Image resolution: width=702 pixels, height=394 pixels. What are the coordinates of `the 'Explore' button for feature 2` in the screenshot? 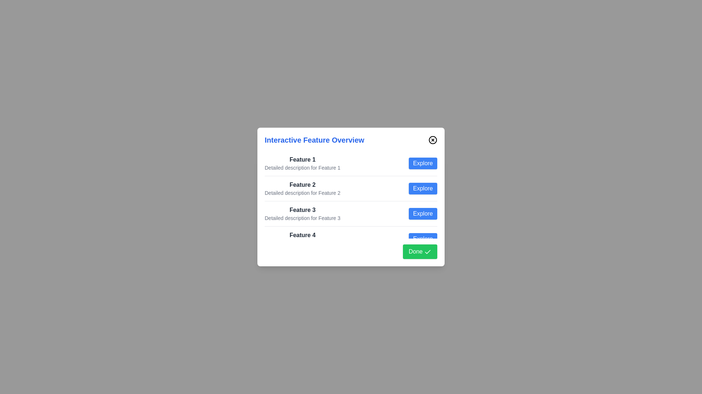 It's located at (423, 188).